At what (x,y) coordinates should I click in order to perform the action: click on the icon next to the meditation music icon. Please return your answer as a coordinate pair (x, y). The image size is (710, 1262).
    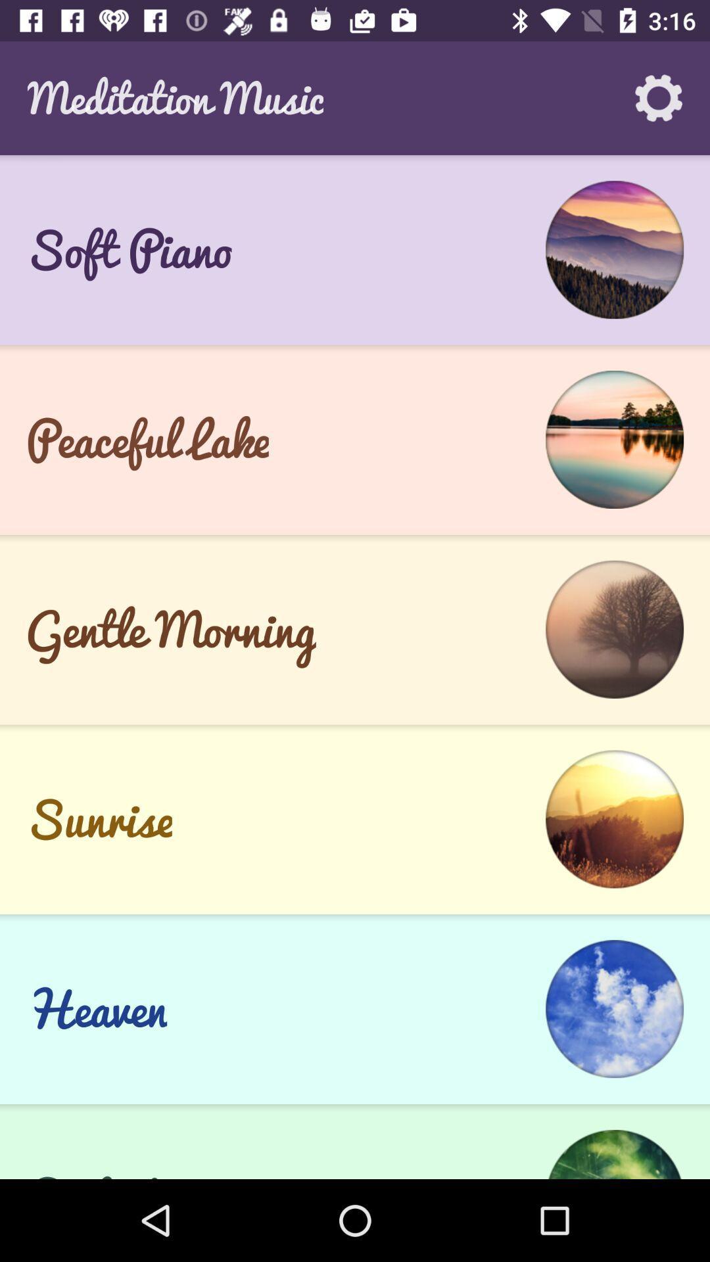
    Looking at the image, I should click on (659, 97).